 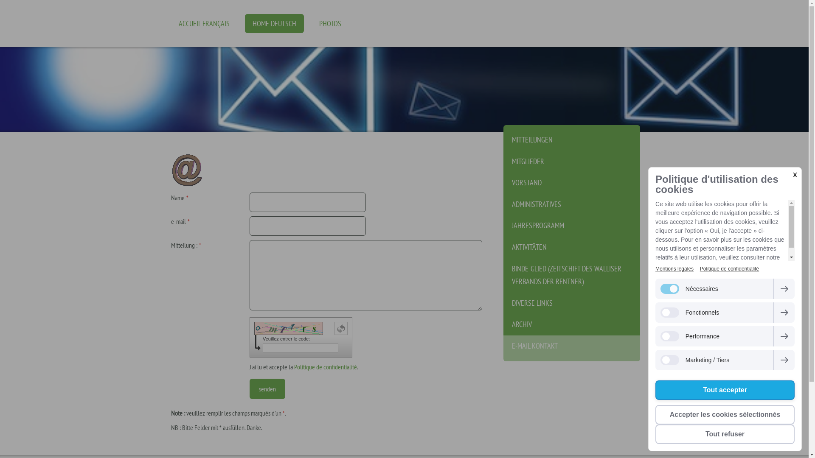 What do you see at coordinates (572, 275) in the screenshot?
I see `'BINDE-GLIED (ZEITSCHIFT DES WALLISER VERBANDS DER RENTNER)'` at bounding box center [572, 275].